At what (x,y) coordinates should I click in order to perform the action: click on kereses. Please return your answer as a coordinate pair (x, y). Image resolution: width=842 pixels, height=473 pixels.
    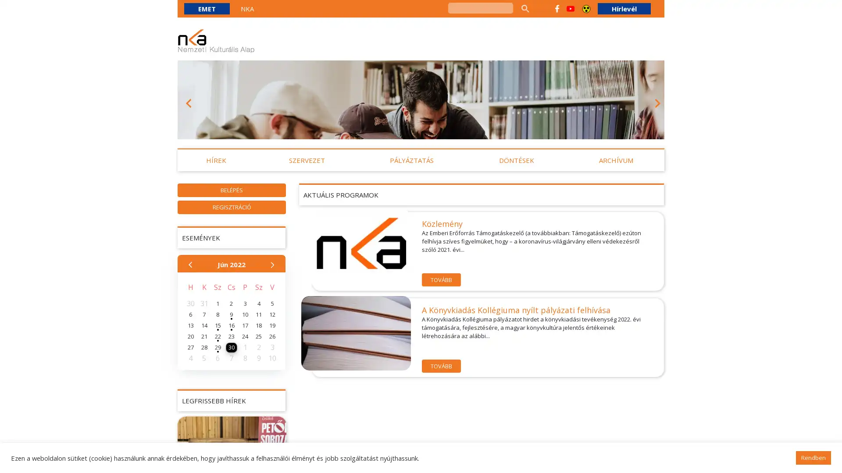
    Looking at the image, I should click on (524, 8).